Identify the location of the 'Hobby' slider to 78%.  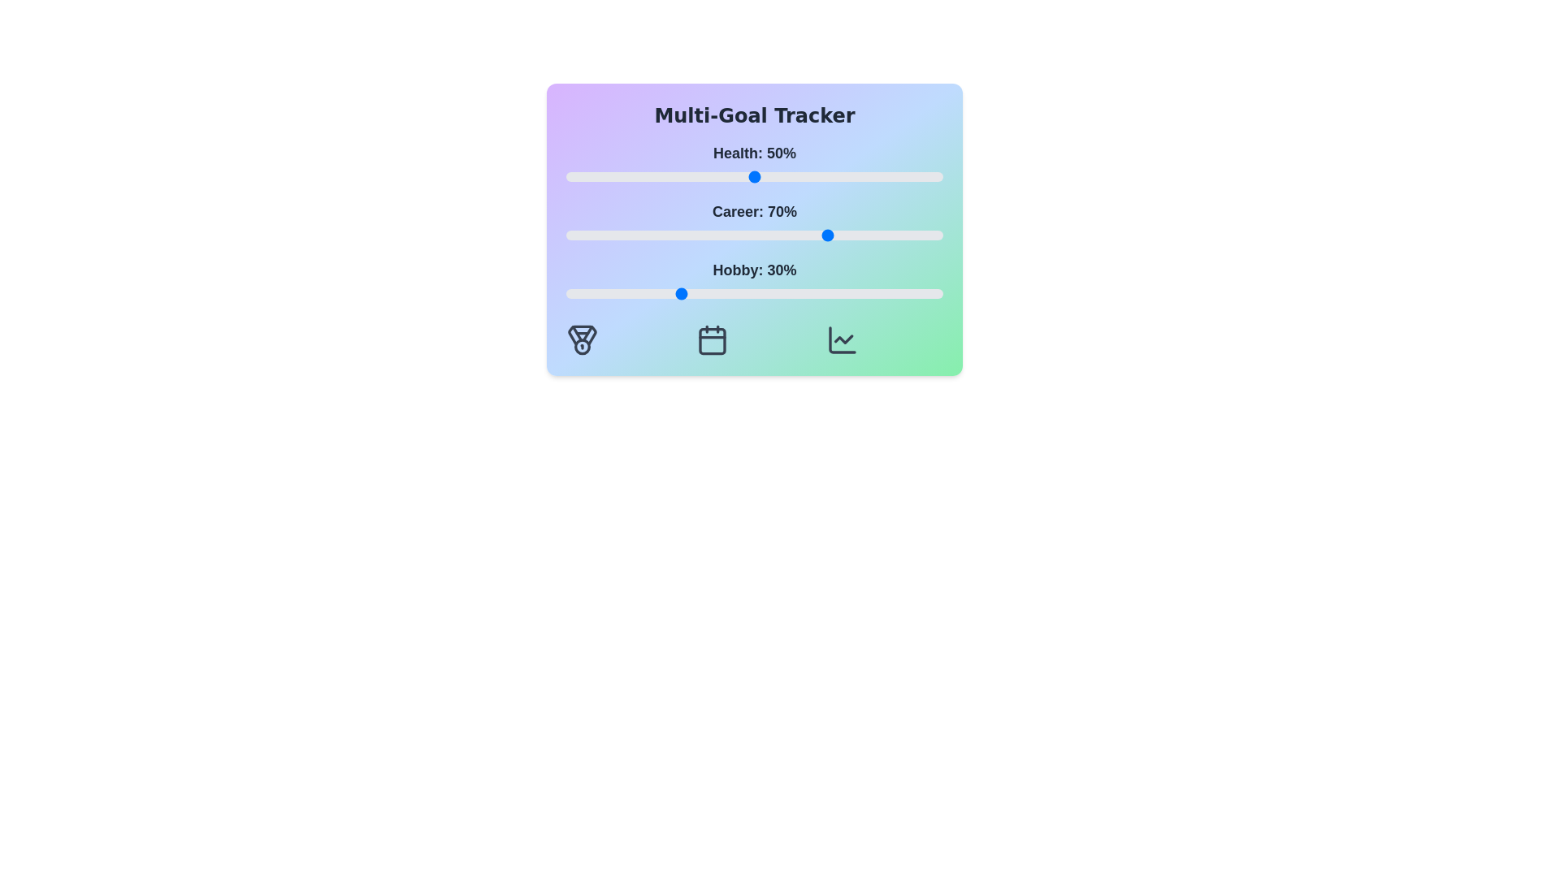
(859, 294).